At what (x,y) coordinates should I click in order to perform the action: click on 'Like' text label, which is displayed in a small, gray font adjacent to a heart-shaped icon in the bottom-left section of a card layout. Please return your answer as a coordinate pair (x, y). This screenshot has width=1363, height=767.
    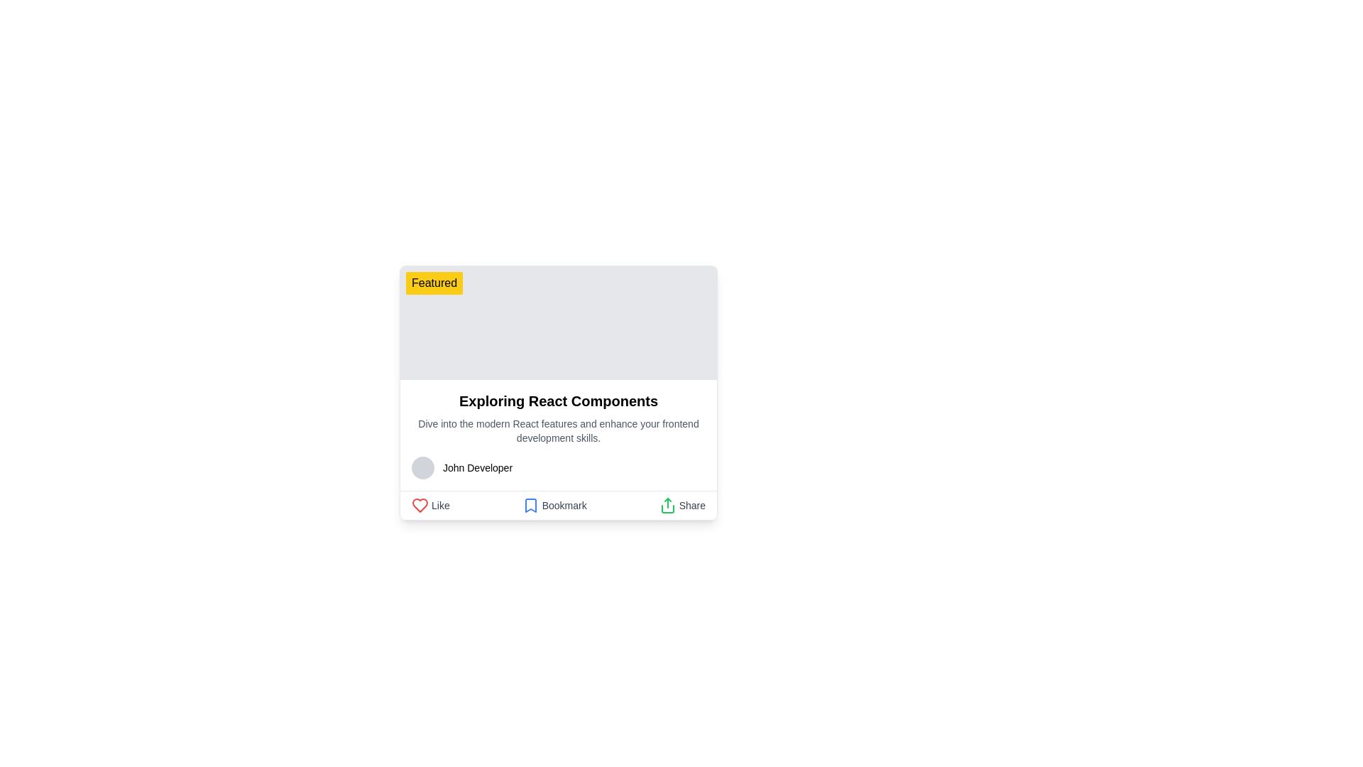
    Looking at the image, I should click on (439, 505).